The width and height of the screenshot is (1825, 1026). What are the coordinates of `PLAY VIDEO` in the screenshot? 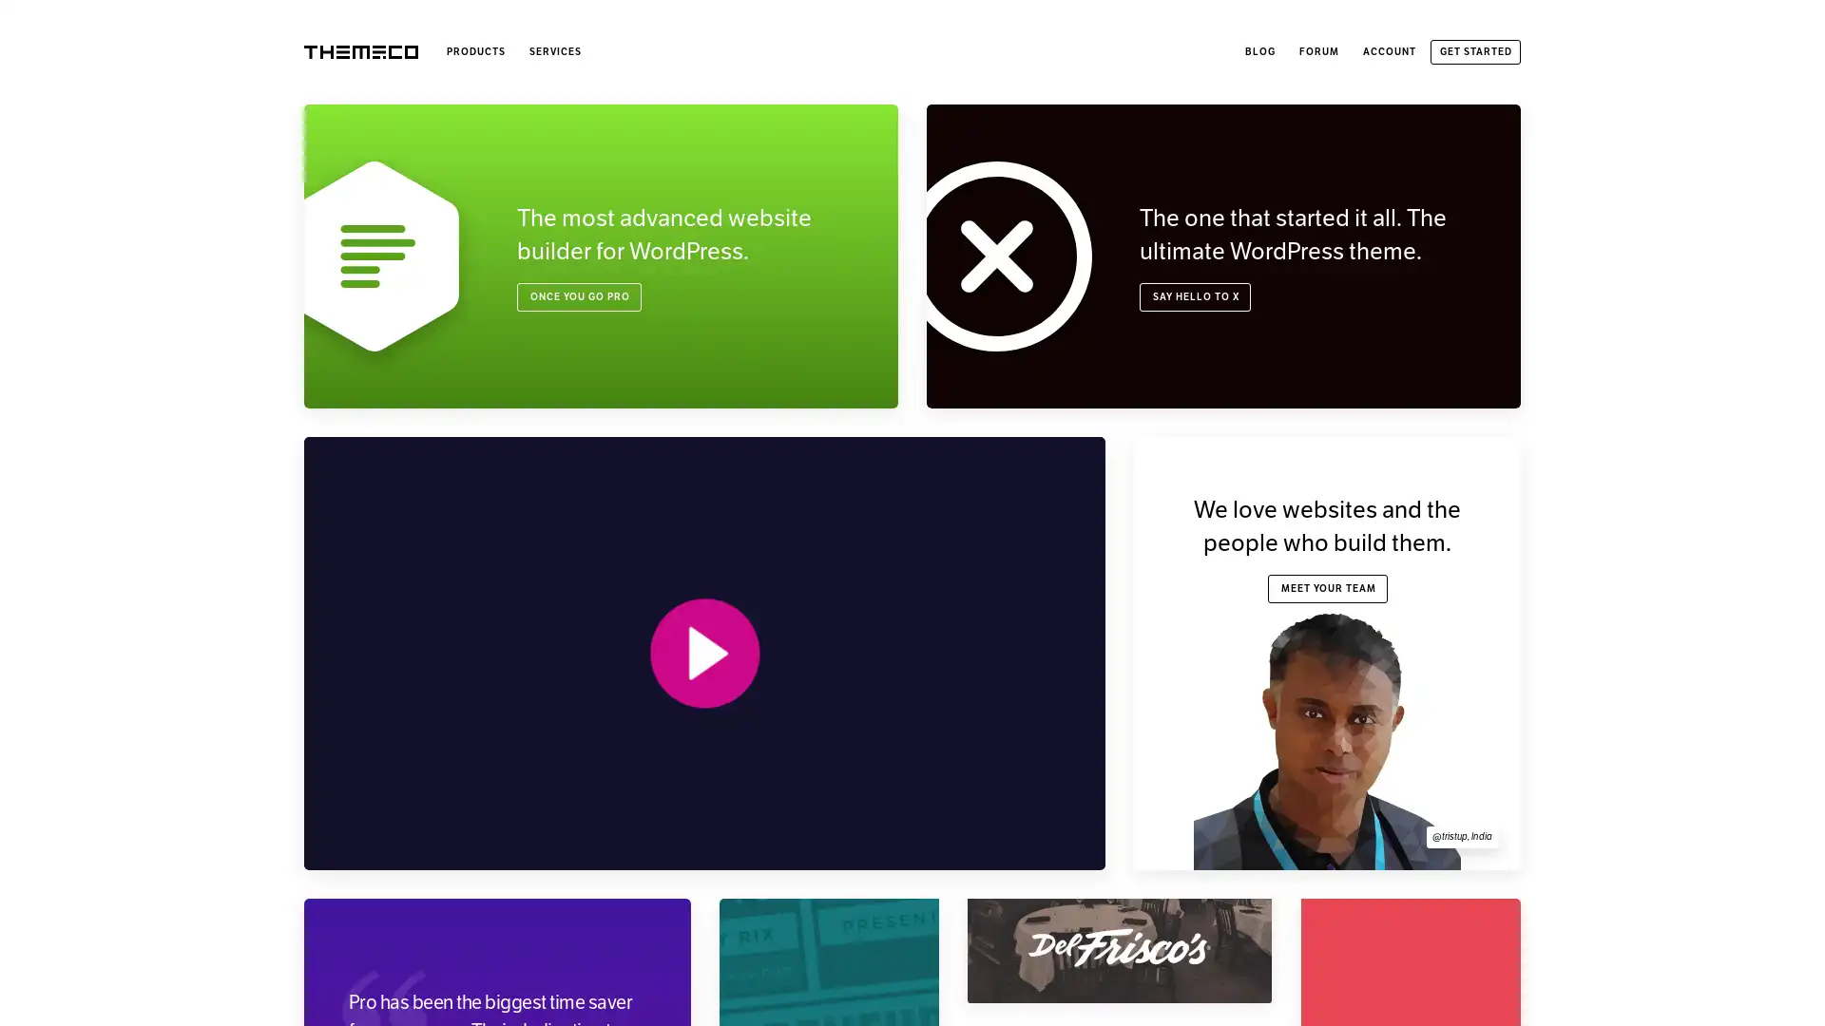 It's located at (703, 652).